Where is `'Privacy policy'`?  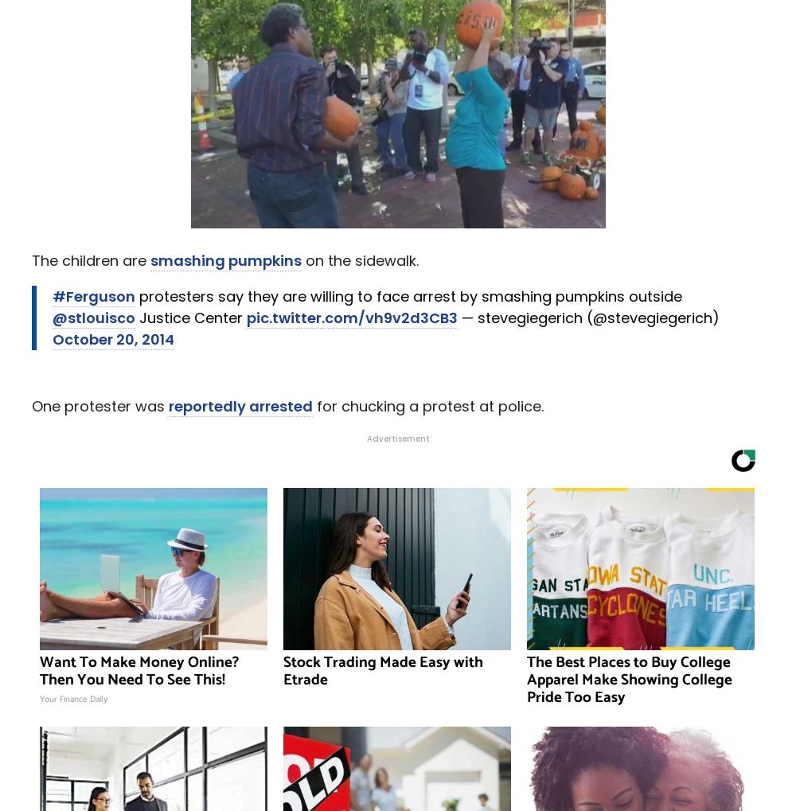
'Privacy policy' is located at coordinates (446, 779).